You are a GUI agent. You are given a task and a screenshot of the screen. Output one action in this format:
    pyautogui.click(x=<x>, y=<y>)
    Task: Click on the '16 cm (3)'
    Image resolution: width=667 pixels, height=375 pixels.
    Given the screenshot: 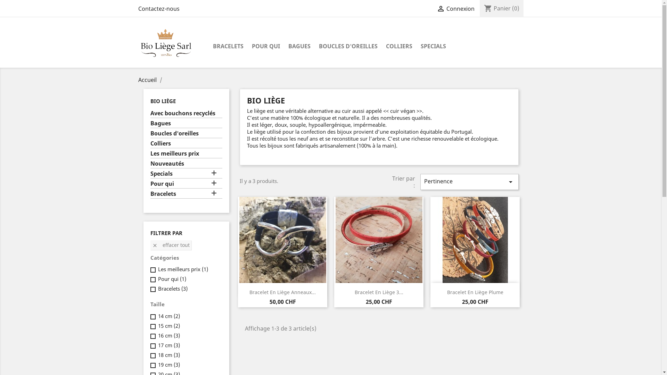 What is the action you would take?
    pyautogui.click(x=157, y=335)
    